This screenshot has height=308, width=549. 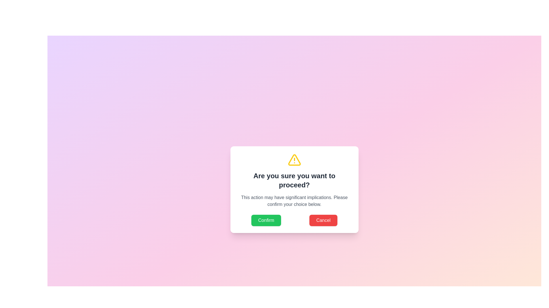 I want to click on the 'Confirm' button, which is part of a pair of interactive buttons labeled 'Confirm' (green) and 'Cancel' (red) located in the confirmation panel of the dialogue box, so click(x=294, y=220).